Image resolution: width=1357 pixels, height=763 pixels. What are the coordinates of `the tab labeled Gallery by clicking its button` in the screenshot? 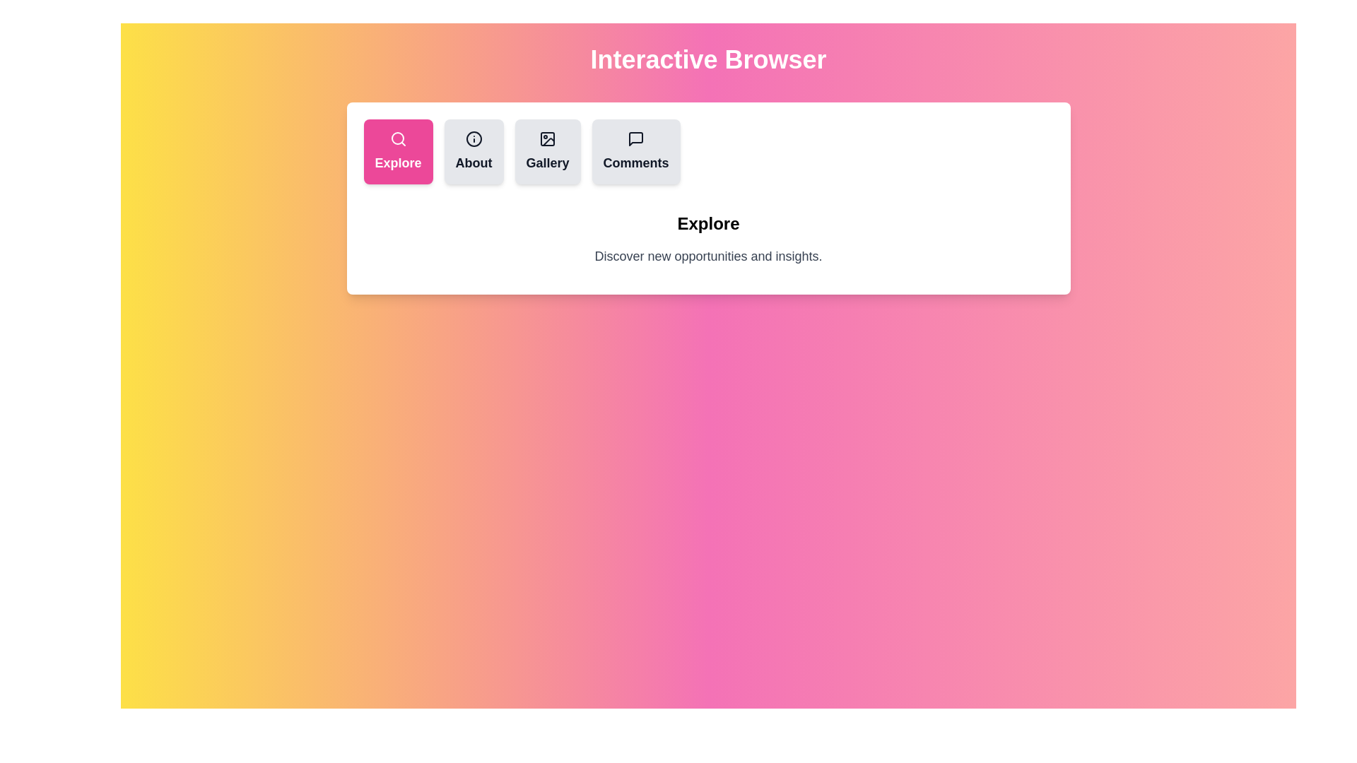 It's located at (547, 152).